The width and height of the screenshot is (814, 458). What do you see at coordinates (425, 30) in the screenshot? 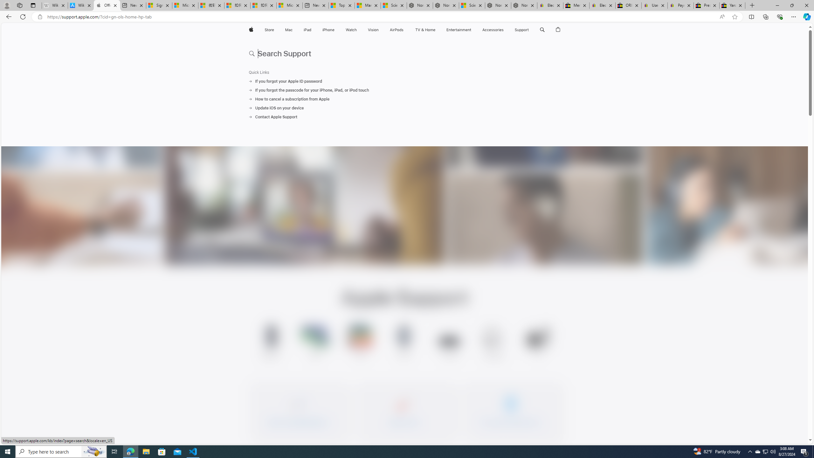
I see `'TV and Home'` at bounding box center [425, 30].